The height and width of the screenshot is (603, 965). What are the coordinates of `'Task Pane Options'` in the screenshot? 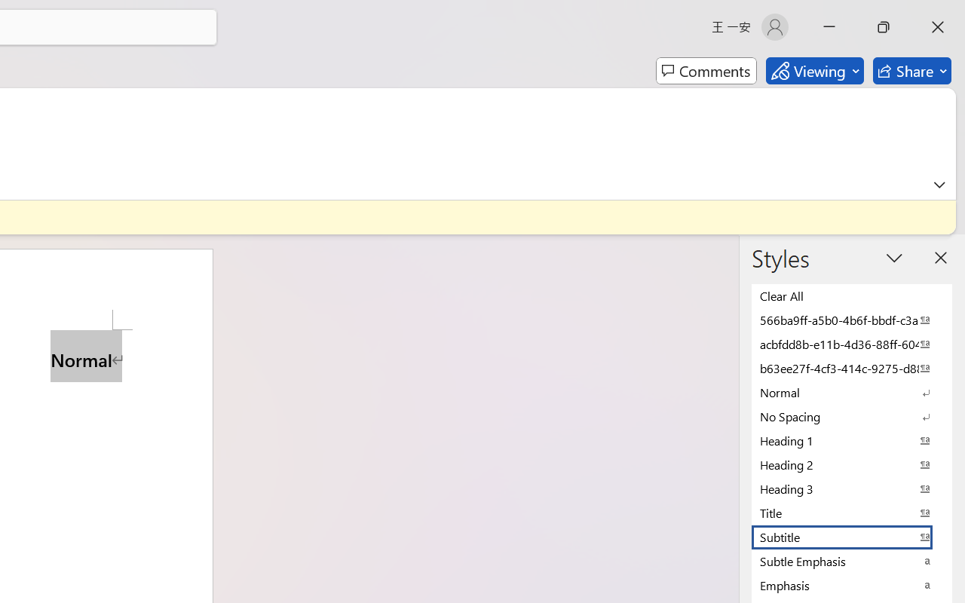 It's located at (895, 258).